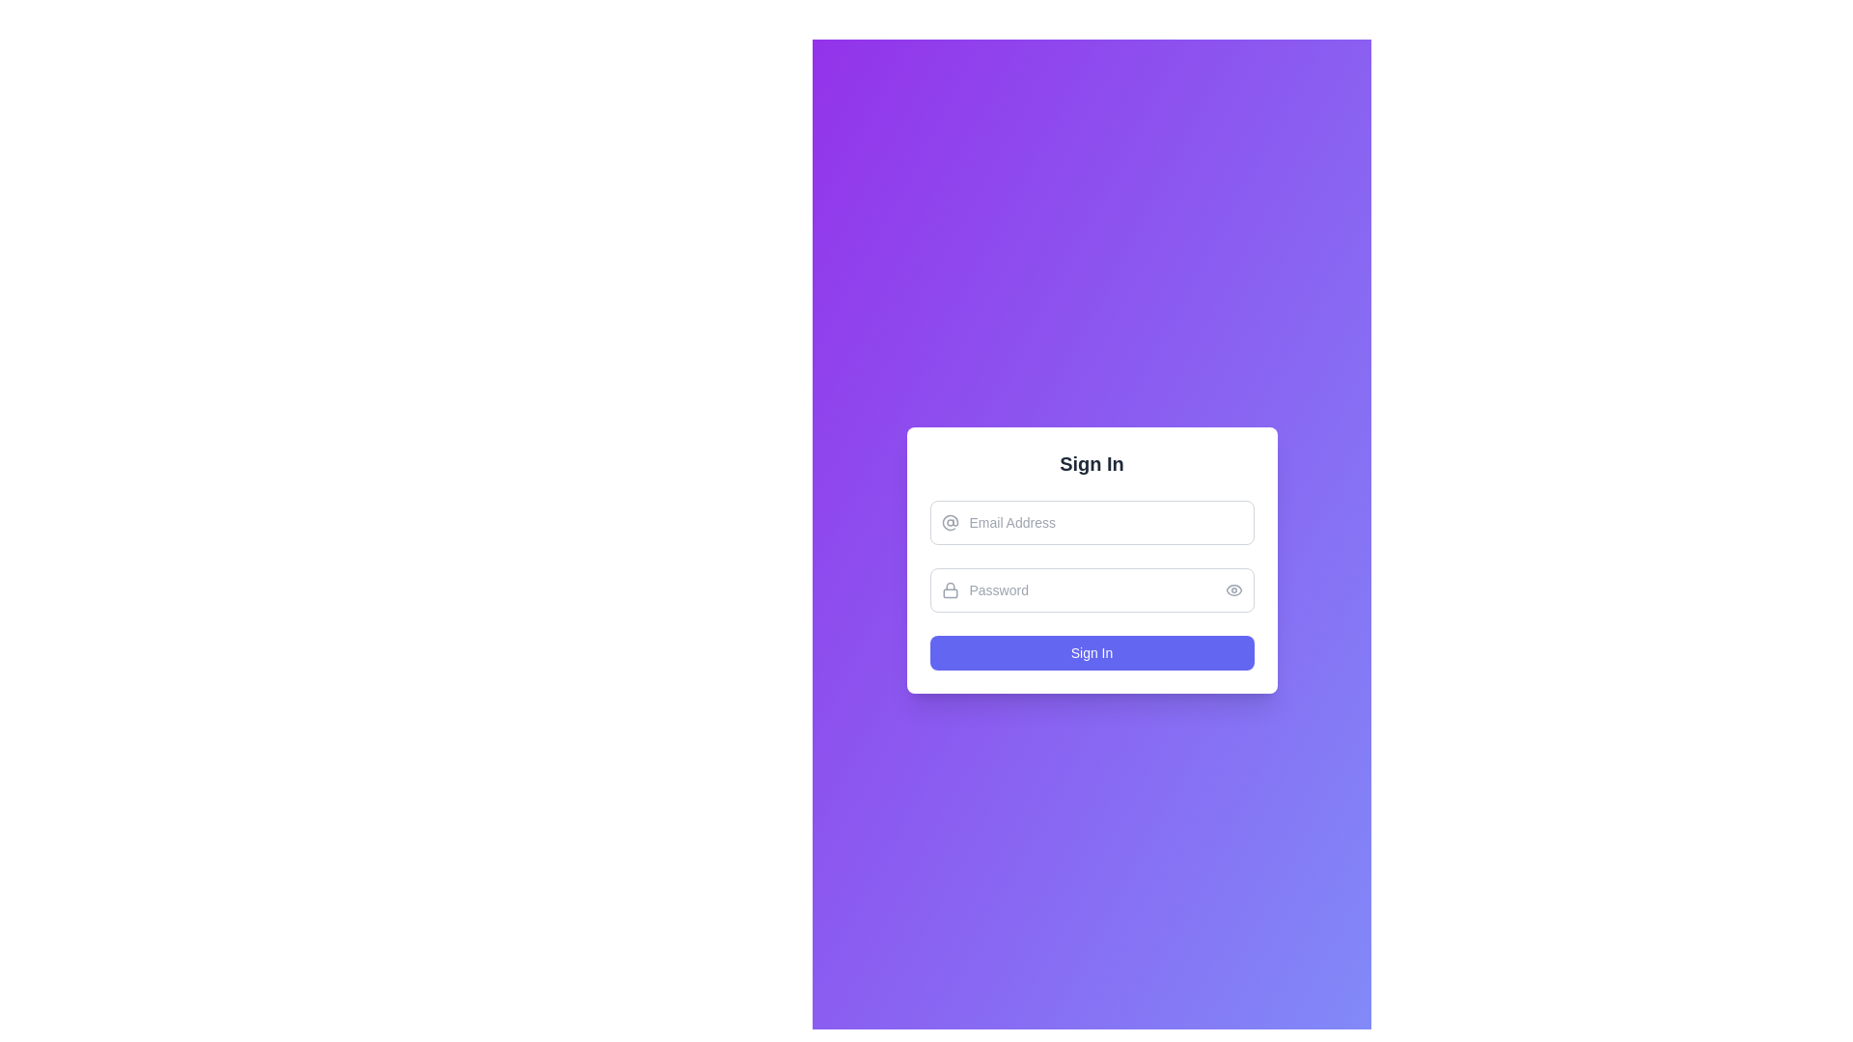 This screenshot has height=1042, width=1853. I want to click on the eye-shaped SVG icon, so click(1232, 590).